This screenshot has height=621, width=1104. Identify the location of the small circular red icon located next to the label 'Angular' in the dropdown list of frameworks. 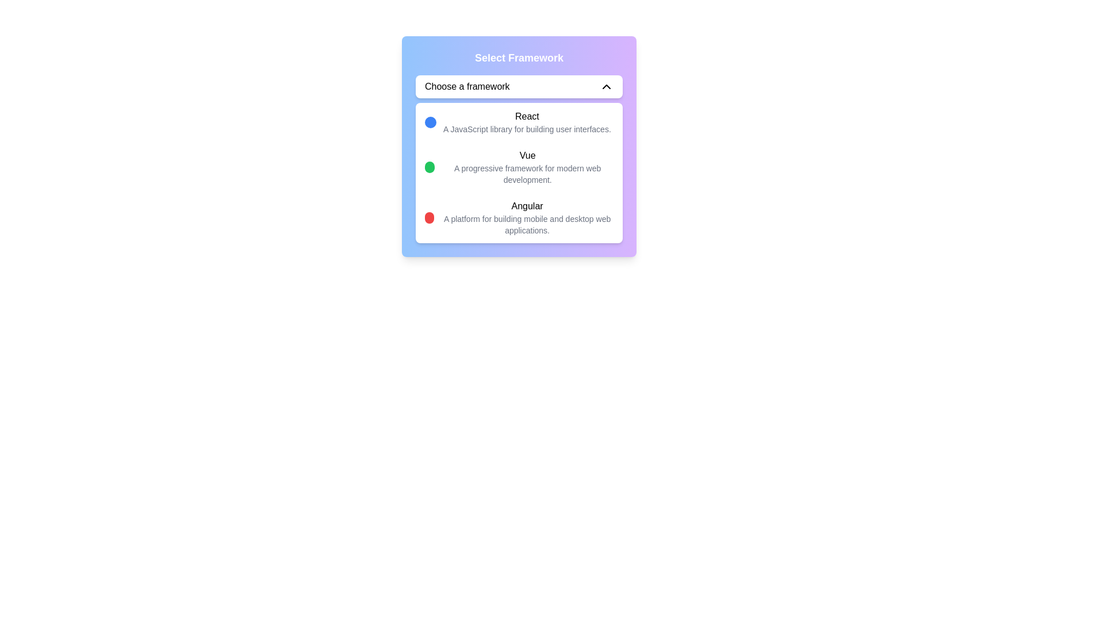
(429, 217).